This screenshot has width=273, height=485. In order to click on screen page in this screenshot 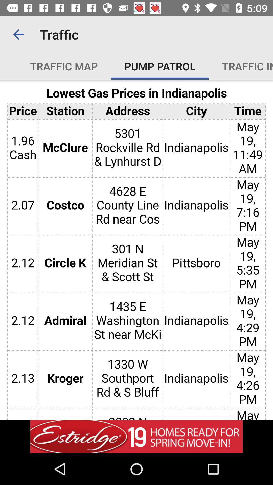, I will do `click(136, 250)`.